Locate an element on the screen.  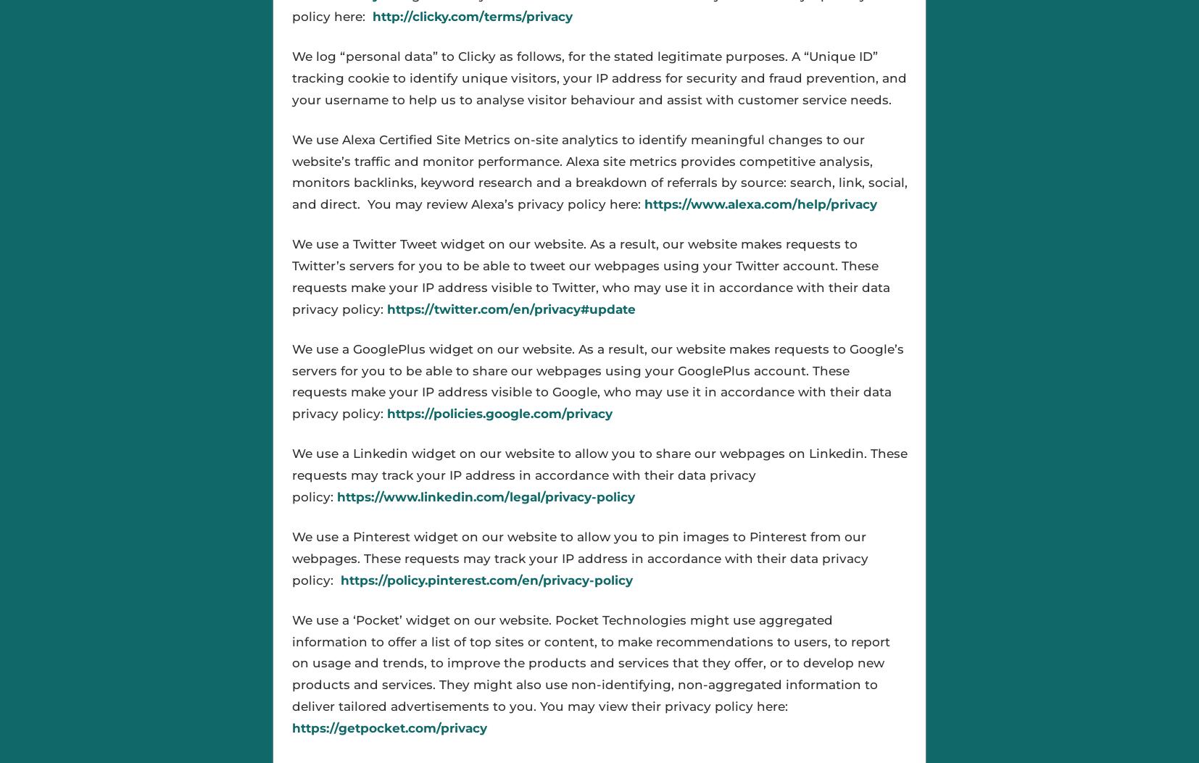
'We use a Linkedin widget on our website to allow you to share our webpages on Linkedin. These requests may track your IP address in accordance with their data privacy policy:' is located at coordinates (599, 474).